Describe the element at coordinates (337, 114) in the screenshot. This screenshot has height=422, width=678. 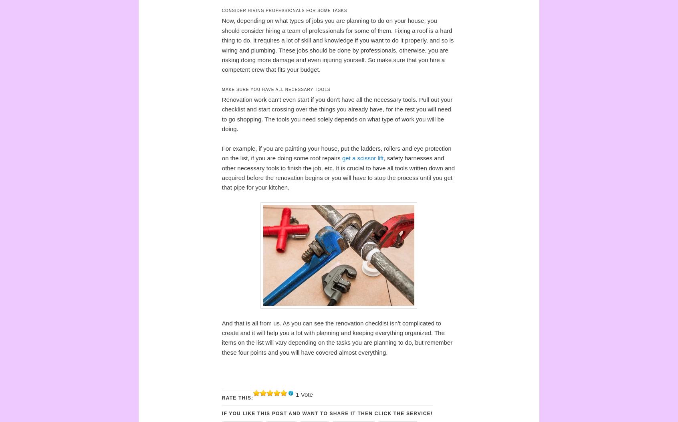
I see `'Renovation work can’t even start if you don’t have all the necessary tools. Pull out your checklist and start crossing over the things you already have, for the rest you will need to go shopping. The tools you need solely depends on what type of work you will be doing.'` at that location.